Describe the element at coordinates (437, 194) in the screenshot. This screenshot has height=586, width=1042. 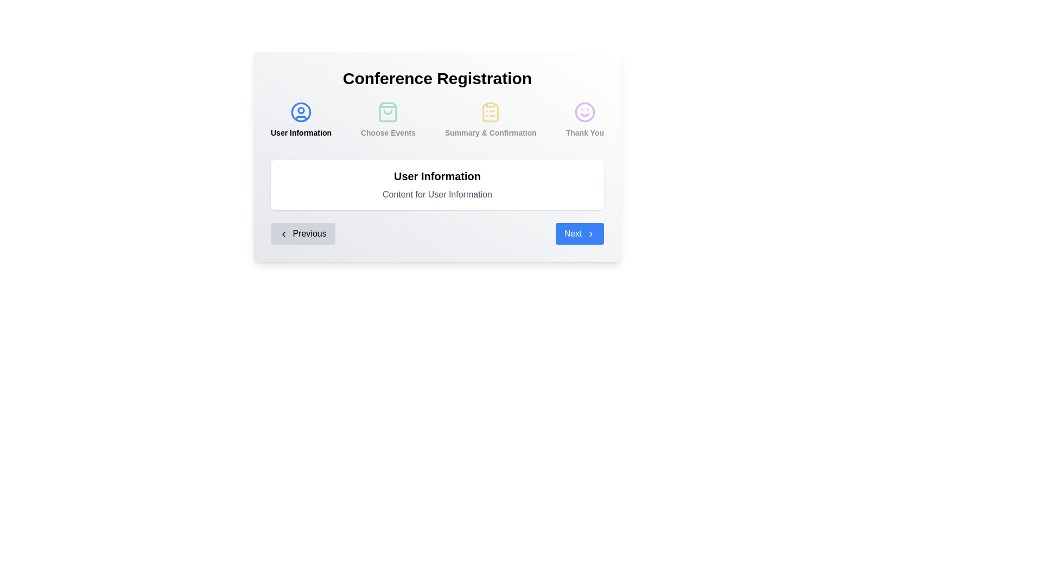
I see `the text label displaying 'Content for User Information' which is located below the 'User Information' header within a white rounded rectangle card` at that location.